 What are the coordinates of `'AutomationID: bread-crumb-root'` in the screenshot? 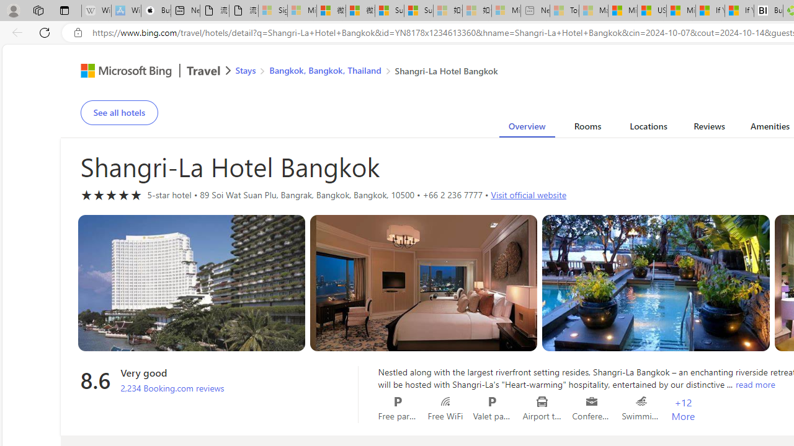 It's located at (358, 72).